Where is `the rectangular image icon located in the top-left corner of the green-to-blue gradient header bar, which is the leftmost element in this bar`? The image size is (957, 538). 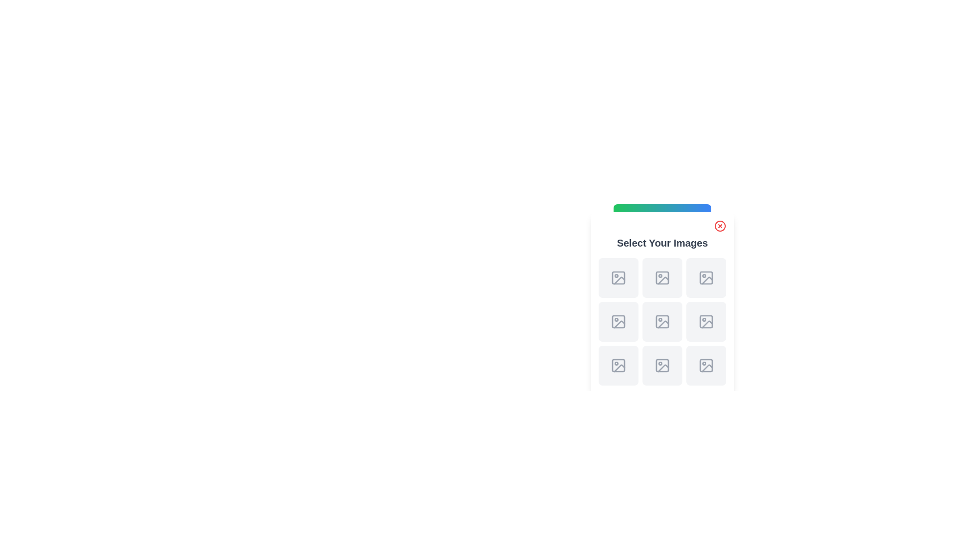 the rectangular image icon located in the top-left corner of the green-to-blue gradient header bar, which is the leftmost element in this bar is located at coordinates (631, 216).